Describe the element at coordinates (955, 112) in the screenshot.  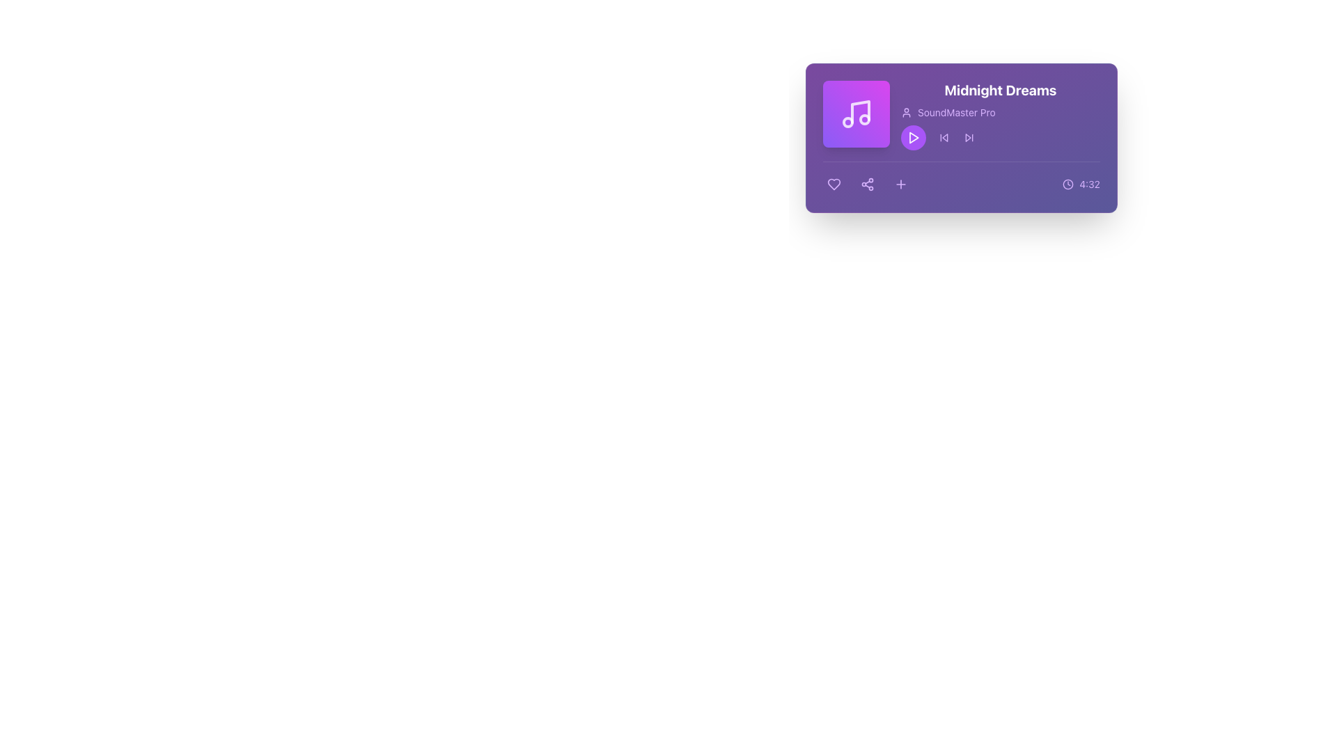
I see `the Text label displaying 'SoundMaster Pro' located in the top-right section below the main title 'Midnight Dreams'` at that location.